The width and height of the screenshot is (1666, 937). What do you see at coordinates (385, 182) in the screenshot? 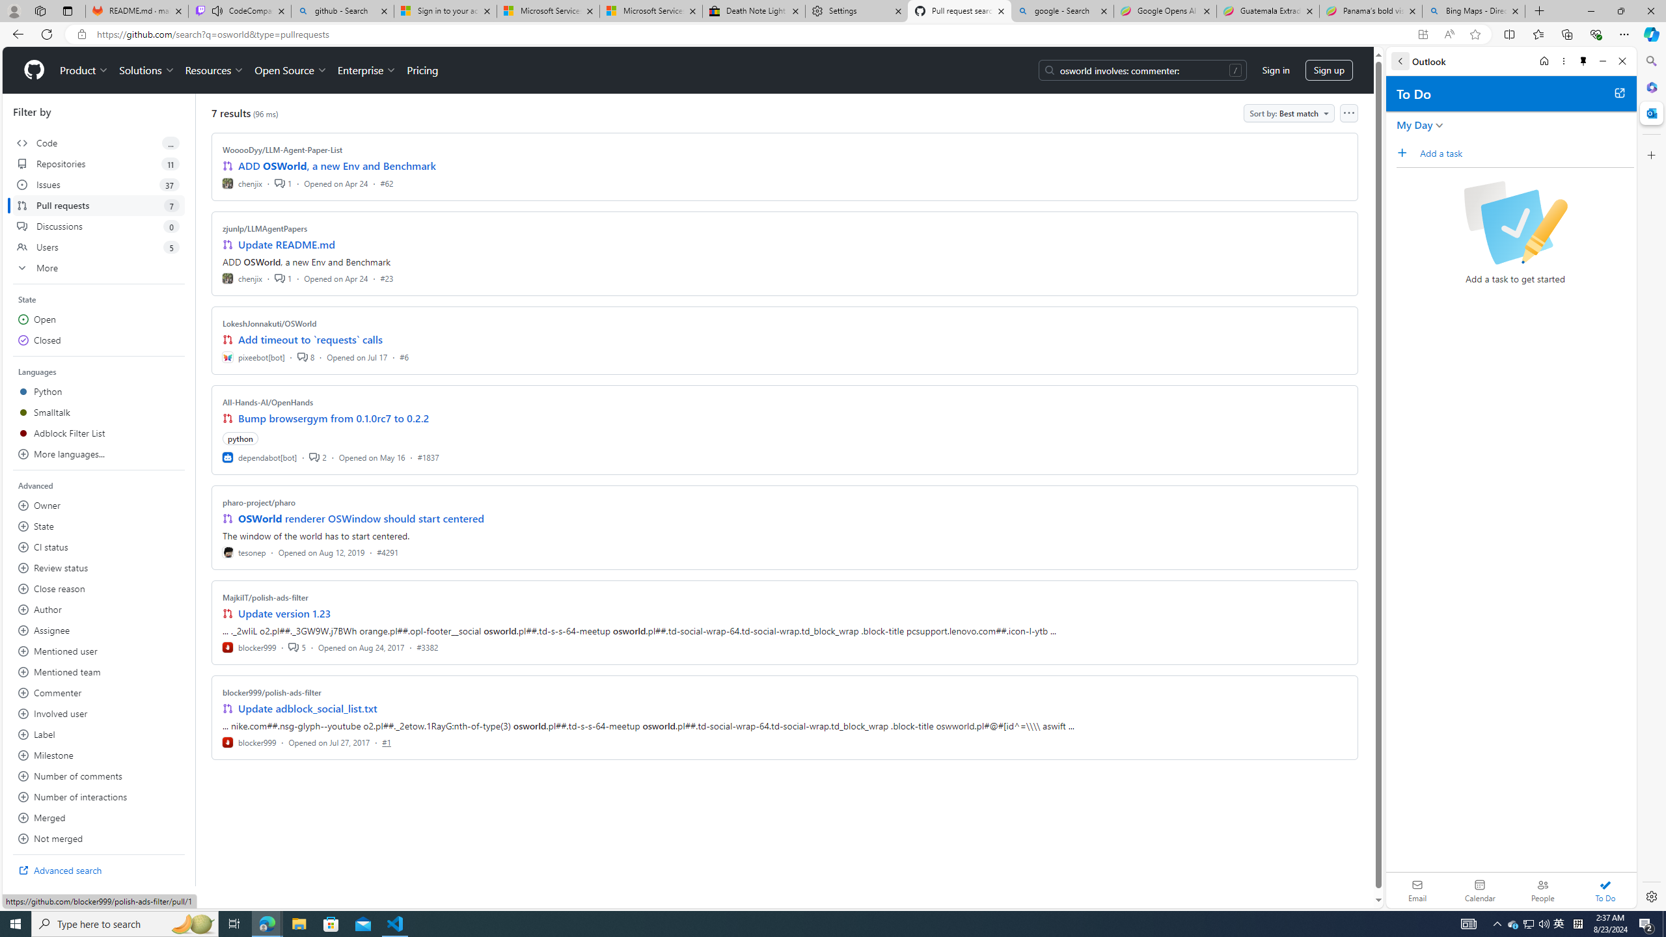
I see `'#62'` at bounding box center [385, 182].